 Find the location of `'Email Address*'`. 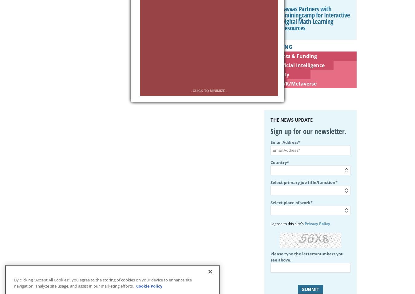

'Email Address*' is located at coordinates (285, 142).